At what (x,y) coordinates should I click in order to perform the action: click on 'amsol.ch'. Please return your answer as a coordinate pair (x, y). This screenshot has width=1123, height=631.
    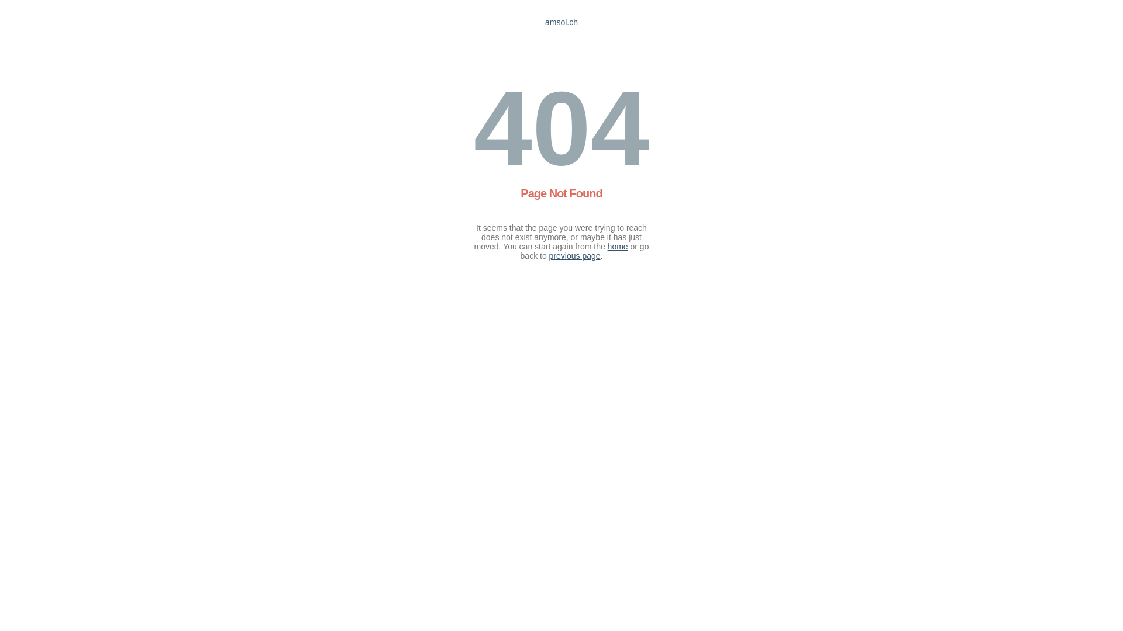
    Looking at the image, I should click on (561, 22).